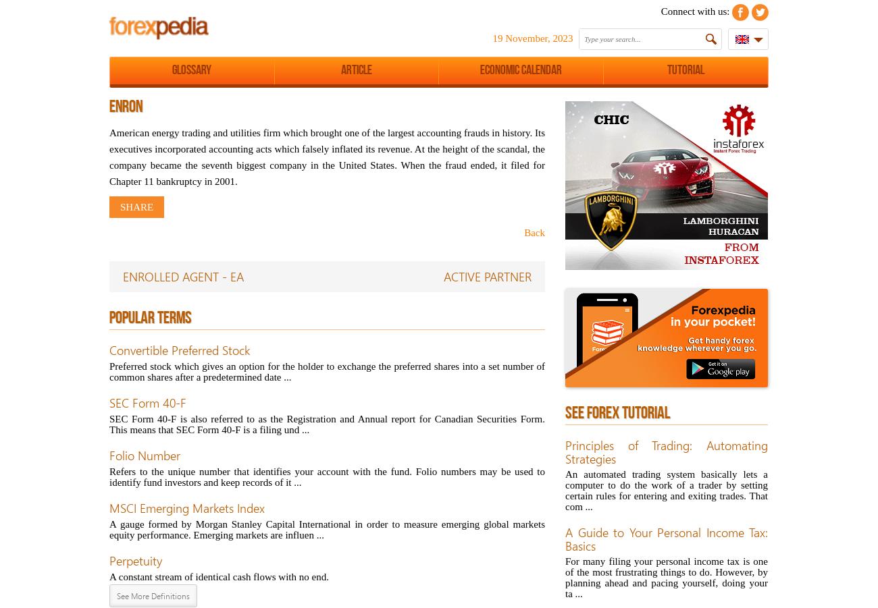 The width and height of the screenshot is (878, 608). Describe the element at coordinates (147, 402) in the screenshot. I see `'SEC Form 40-F'` at that location.